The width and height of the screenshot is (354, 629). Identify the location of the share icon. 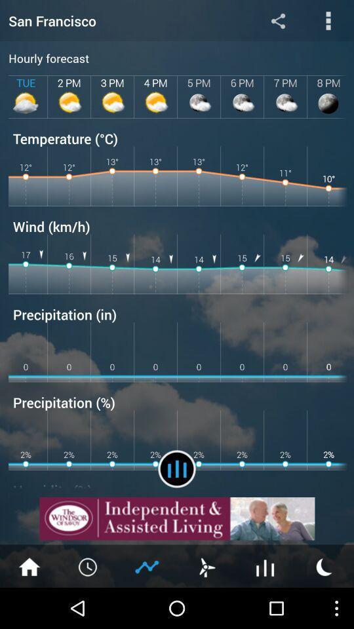
(277, 22).